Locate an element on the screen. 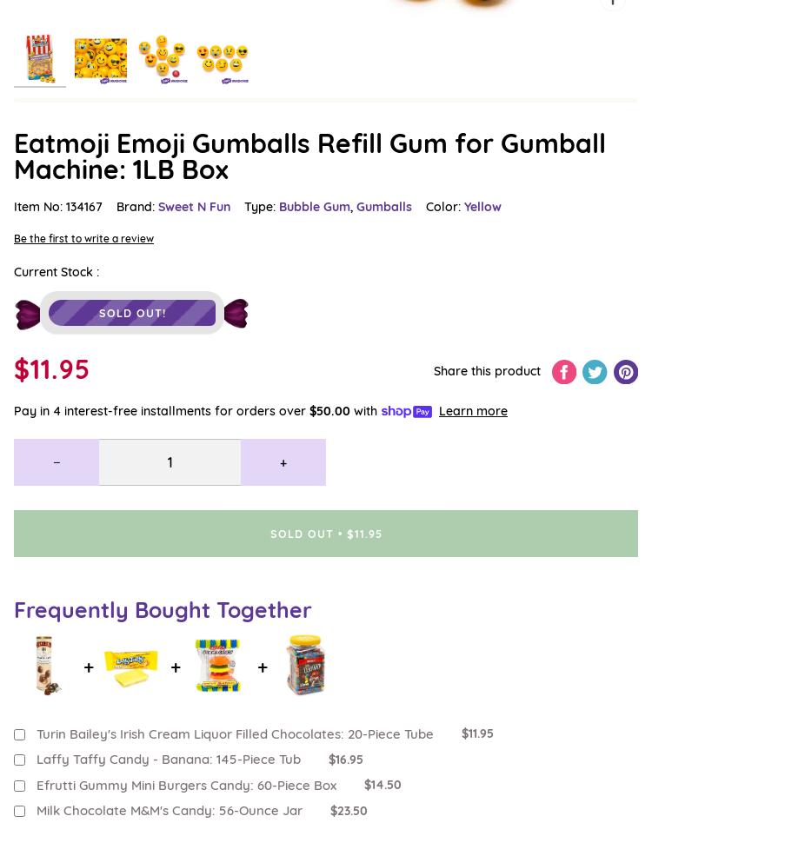 The image size is (805, 856). 'Wedding Candy' is located at coordinates (59, 283).